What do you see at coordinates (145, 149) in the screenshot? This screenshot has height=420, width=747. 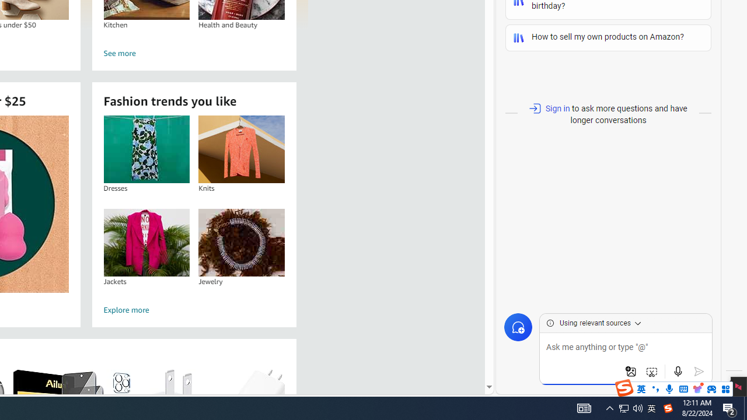 I see `'Dresses'` at bounding box center [145, 149].